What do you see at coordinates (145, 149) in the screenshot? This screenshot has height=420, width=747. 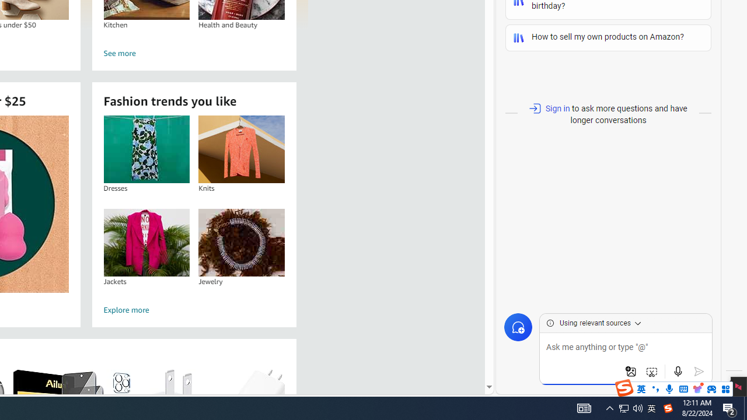 I see `'Dresses'` at bounding box center [145, 149].